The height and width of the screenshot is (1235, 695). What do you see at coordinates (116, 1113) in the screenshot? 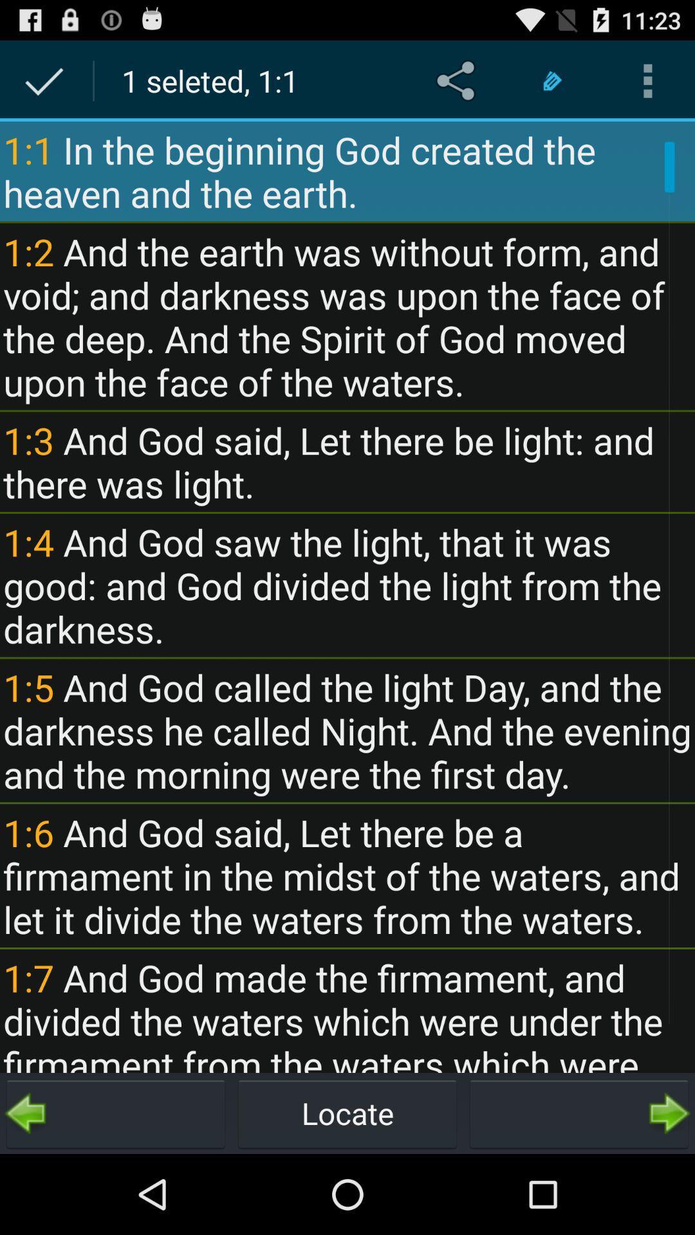
I see `go back` at bounding box center [116, 1113].